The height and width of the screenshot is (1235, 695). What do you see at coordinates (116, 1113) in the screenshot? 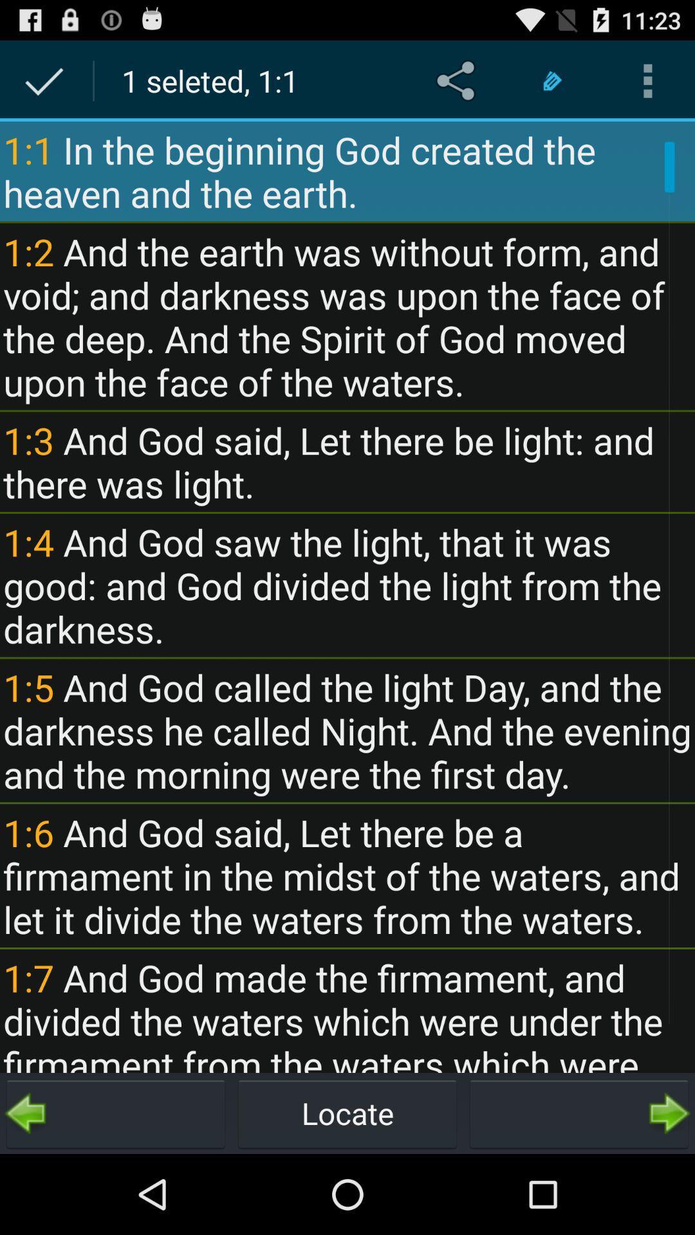
I see `go back` at bounding box center [116, 1113].